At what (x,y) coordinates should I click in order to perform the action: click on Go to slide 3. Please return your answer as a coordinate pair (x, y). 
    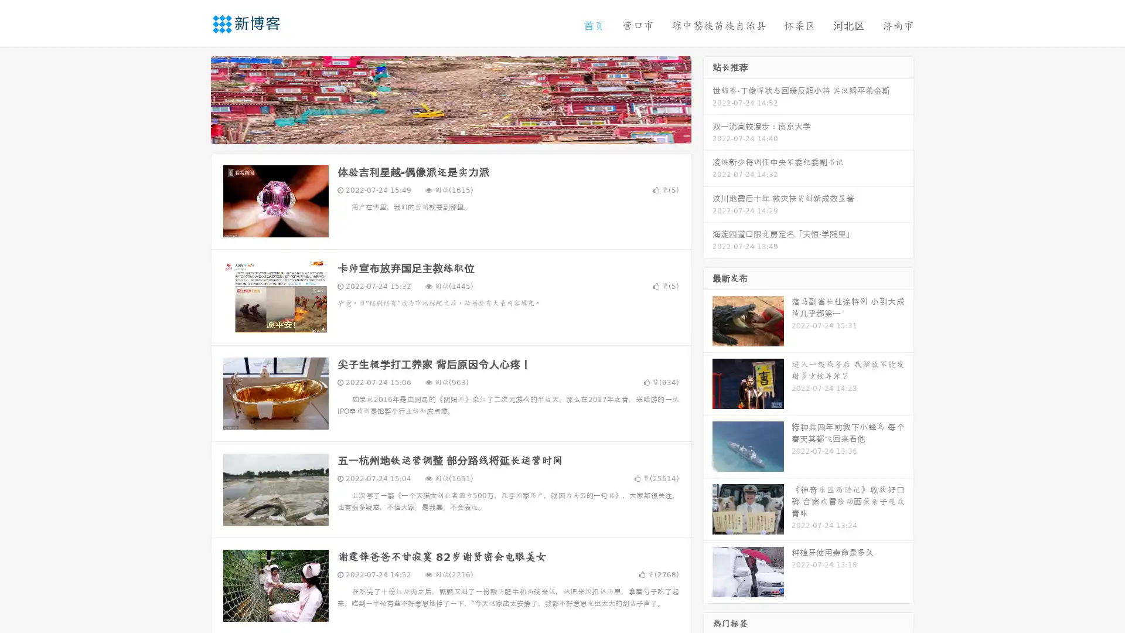
    Looking at the image, I should click on (462, 132).